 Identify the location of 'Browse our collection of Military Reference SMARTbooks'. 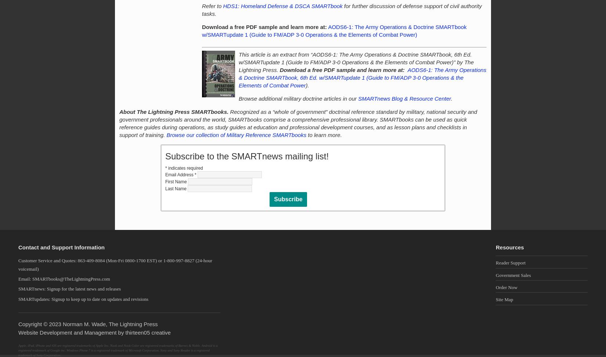
(236, 135).